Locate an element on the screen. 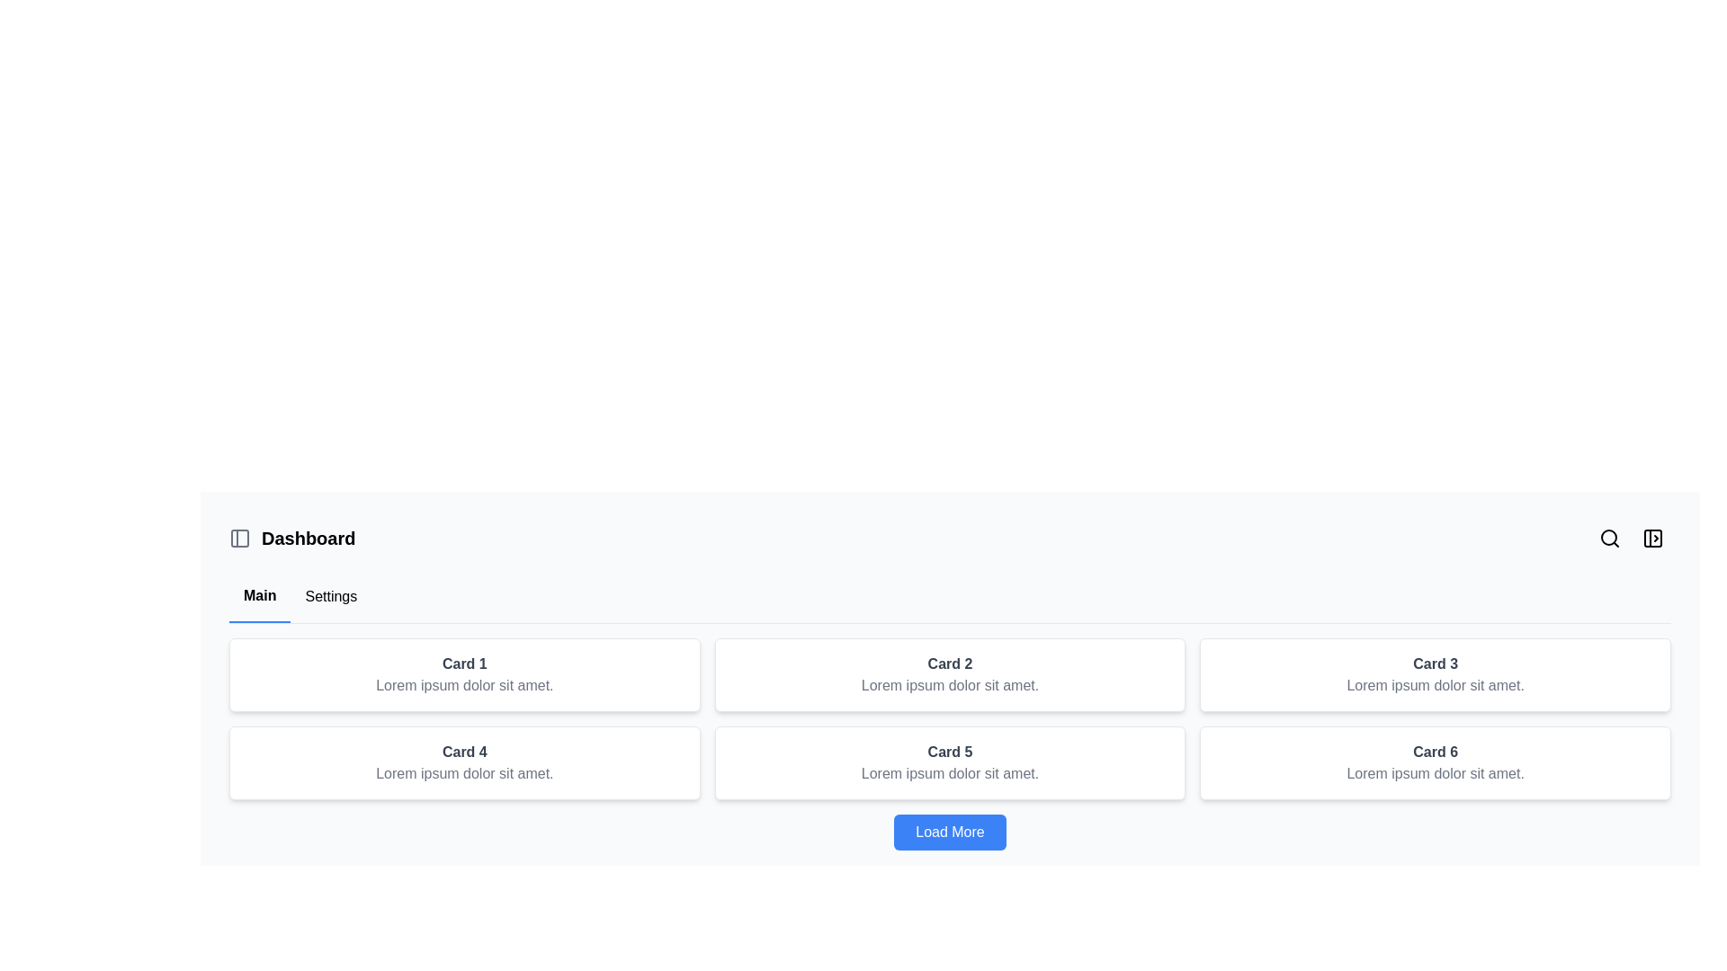 This screenshot has height=971, width=1727. the Text label displaying 'Lorem ipsum dolor sit amet.' located inside 'Card 5' in the third row and first column of the grid layout is located at coordinates (949, 772).